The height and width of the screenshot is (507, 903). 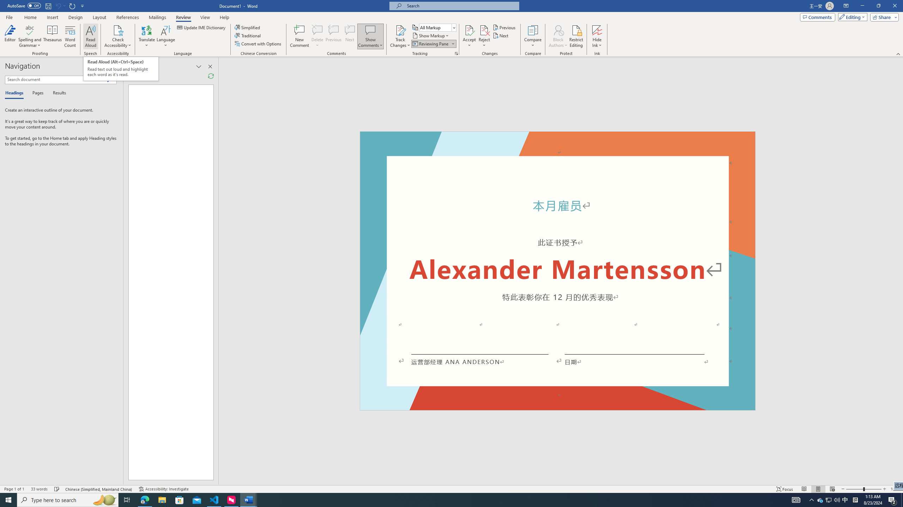 I want to click on 'Review', so click(x=183, y=17).